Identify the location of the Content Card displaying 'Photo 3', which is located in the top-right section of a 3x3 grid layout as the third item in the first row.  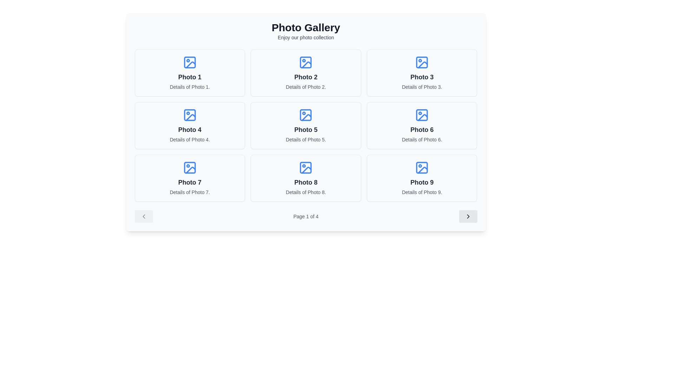
(422, 73).